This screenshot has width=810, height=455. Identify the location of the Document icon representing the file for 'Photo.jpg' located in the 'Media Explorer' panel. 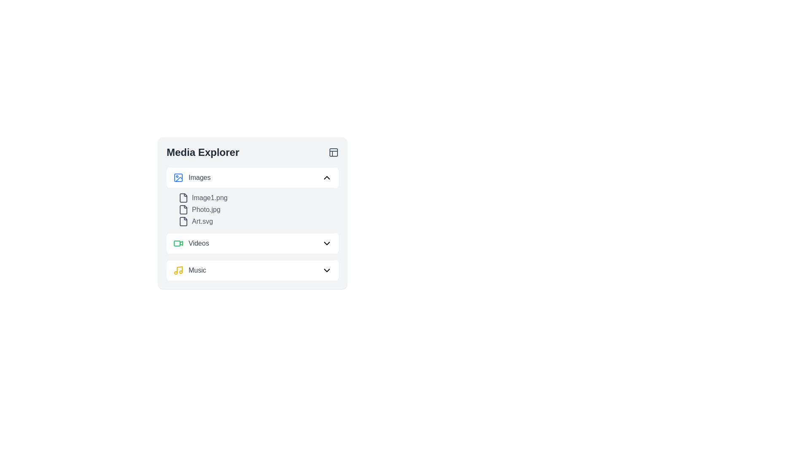
(183, 209).